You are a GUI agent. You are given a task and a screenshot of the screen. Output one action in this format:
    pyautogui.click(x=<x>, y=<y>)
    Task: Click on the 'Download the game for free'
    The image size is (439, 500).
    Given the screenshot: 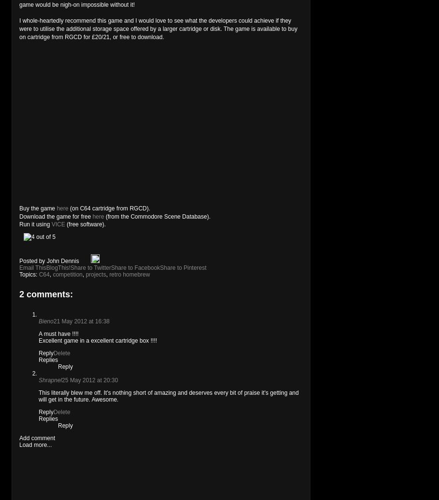 What is the action you would take?
    pyautogui.click(x=56, y=216)
    